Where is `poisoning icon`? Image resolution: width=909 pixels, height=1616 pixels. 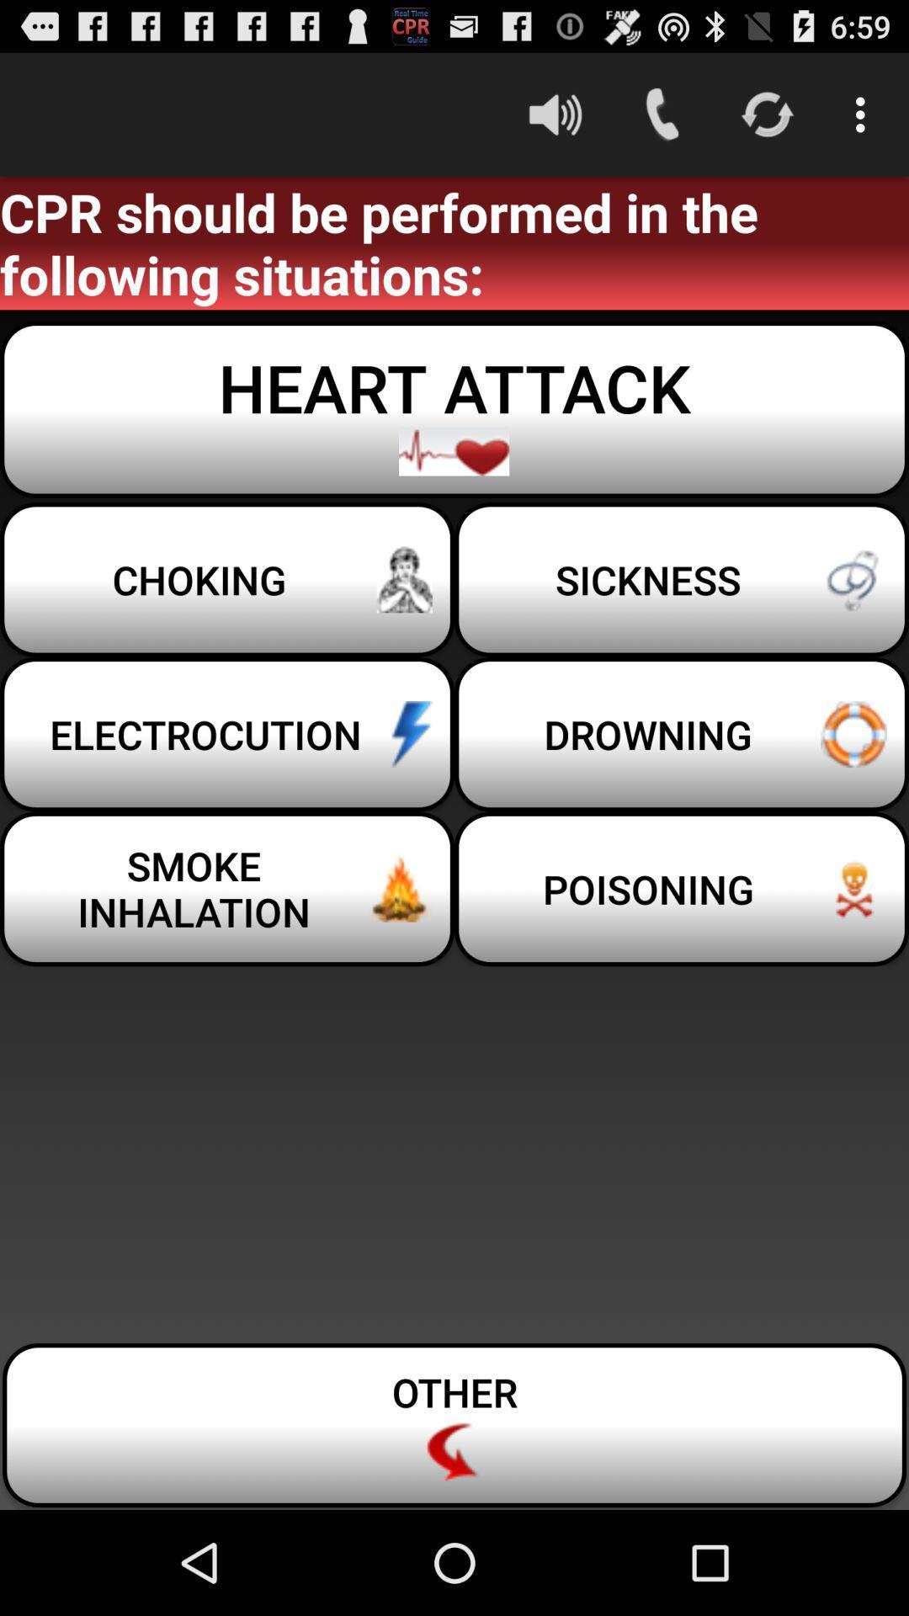
poisoning icon is located at coordinates (682, 888).